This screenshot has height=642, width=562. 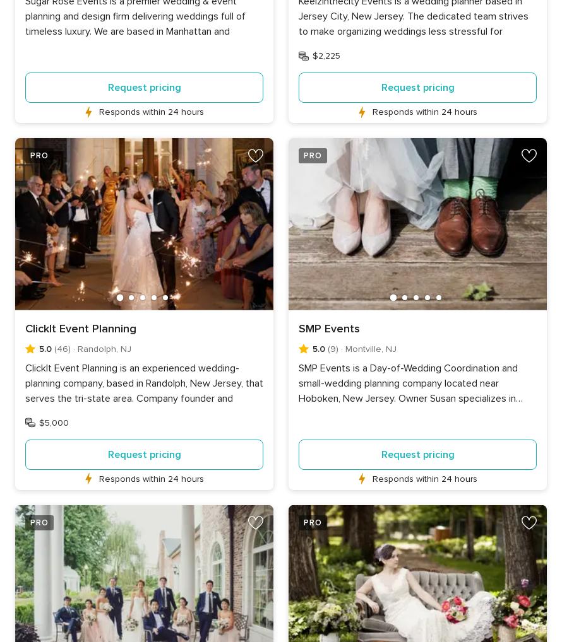 What do you see at coordinates (332, 347) in the screenshot?
I see `'(9)'` at bounding box center [332, 347].